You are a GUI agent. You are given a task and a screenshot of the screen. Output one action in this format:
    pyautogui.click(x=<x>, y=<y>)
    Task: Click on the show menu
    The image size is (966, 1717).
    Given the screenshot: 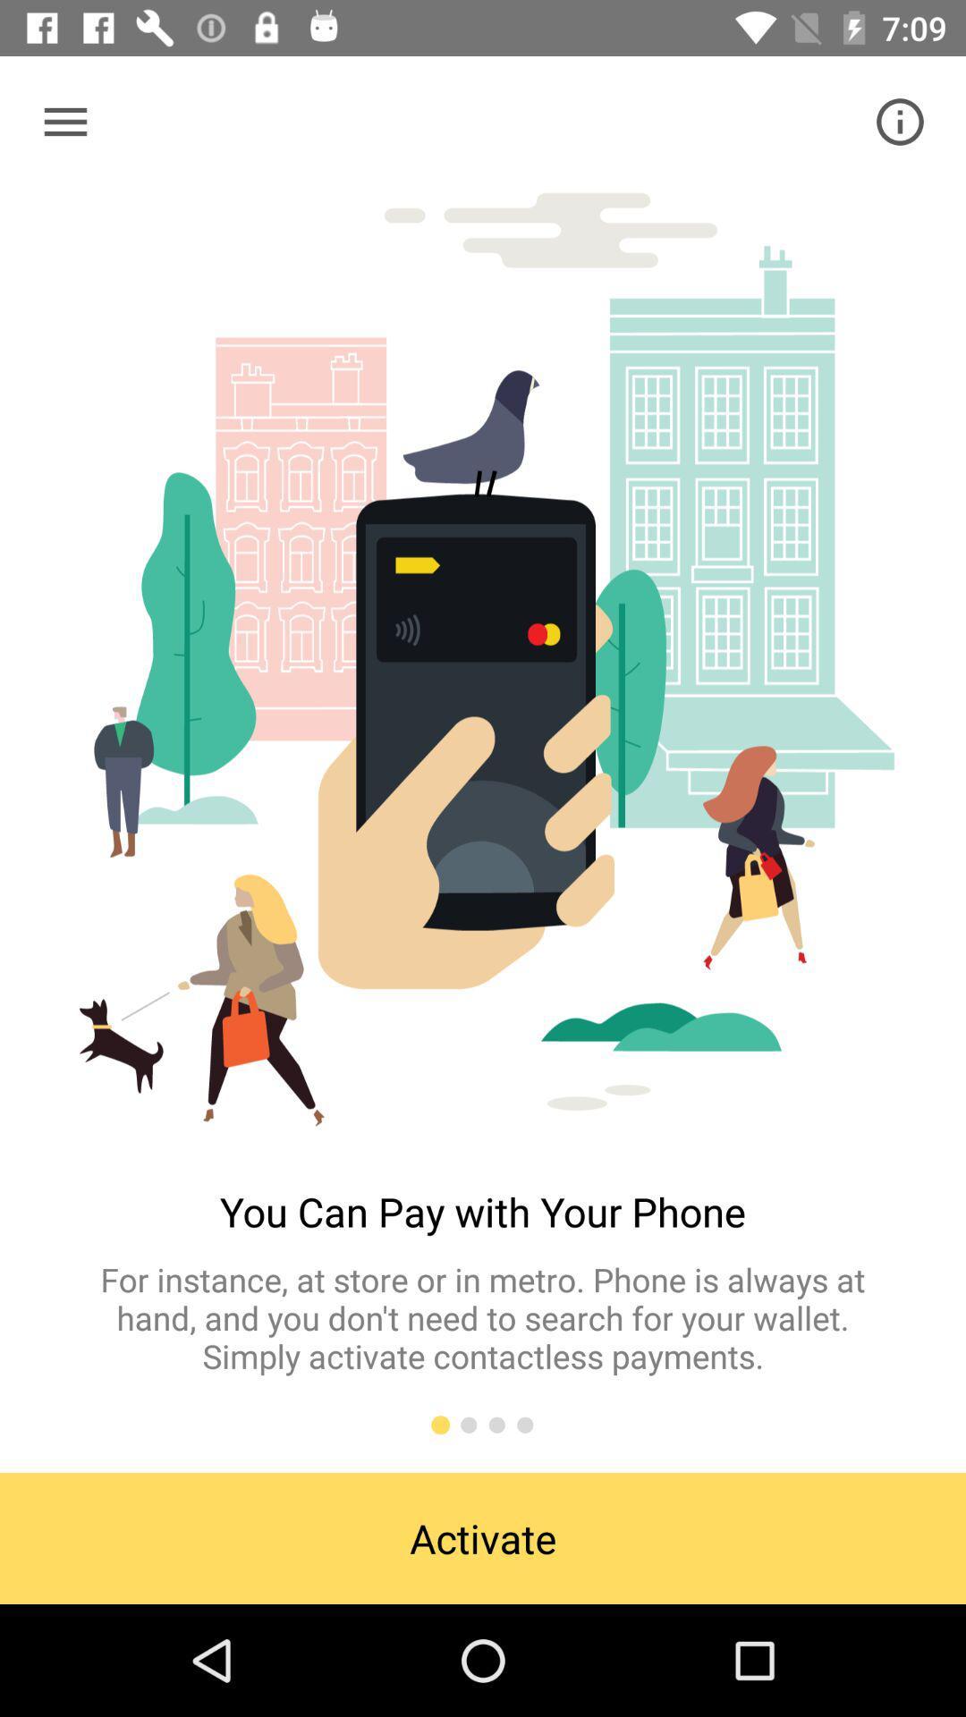 What is the action you would take?
    pyautogui.click(x=64, y=121)
    